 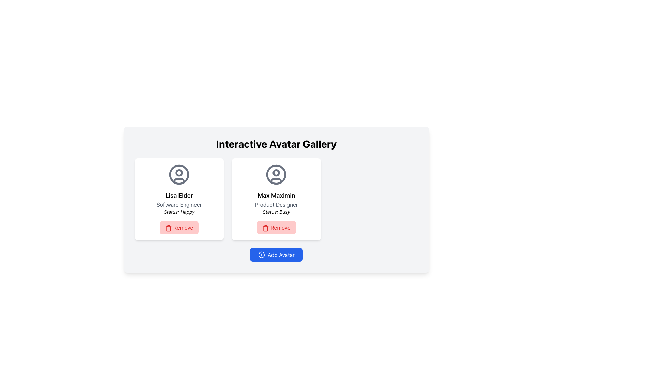 What do you see at coordinates (179, 199) in the screenshot?
I see `the user information card for 'Lisa Elder', which is the first card in a grid layout, centrally aligned within the interface` at bounding box center [179, 199].